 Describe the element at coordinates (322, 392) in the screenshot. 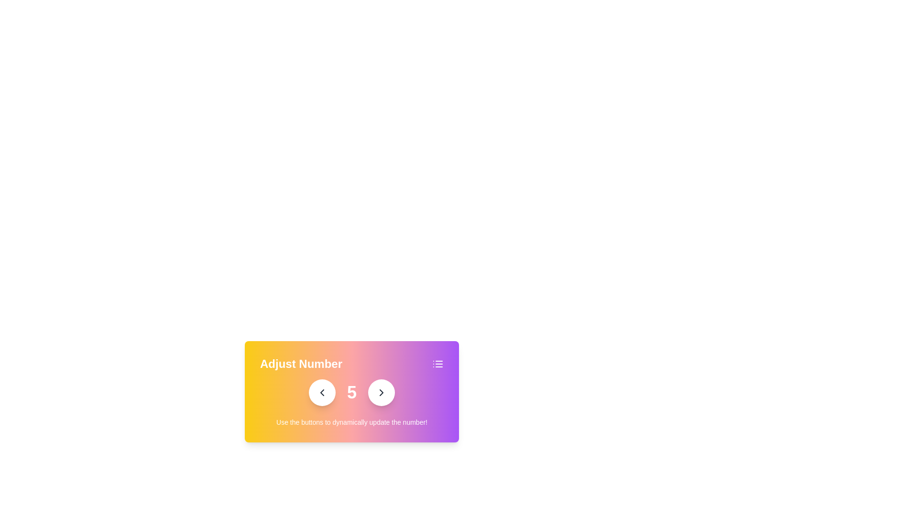

I see `the decrement button located to the left of the number display in the center of the card interface to visualize its interactivity` at that location.